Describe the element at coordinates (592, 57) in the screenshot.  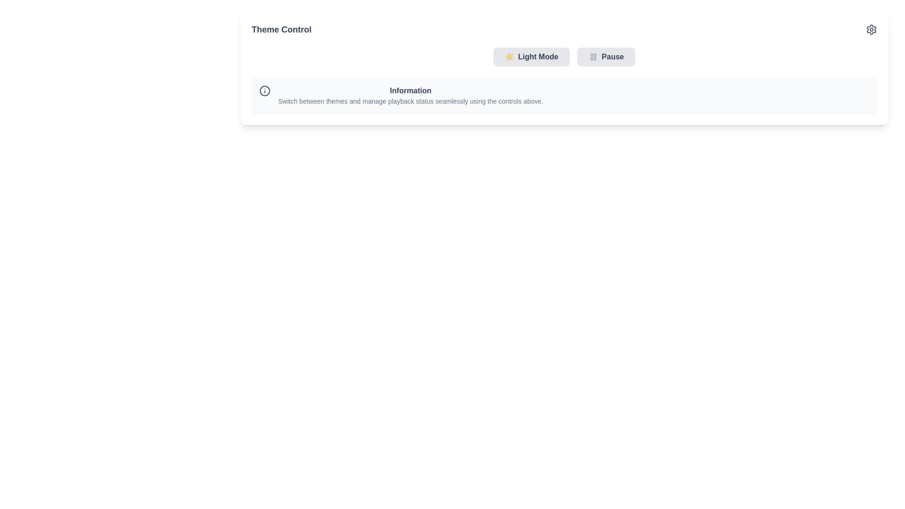
I see `the pause icon located within the 'Pause' button, which is to the right of the 'Light Mode' button in the top right section of the interface` at that location.